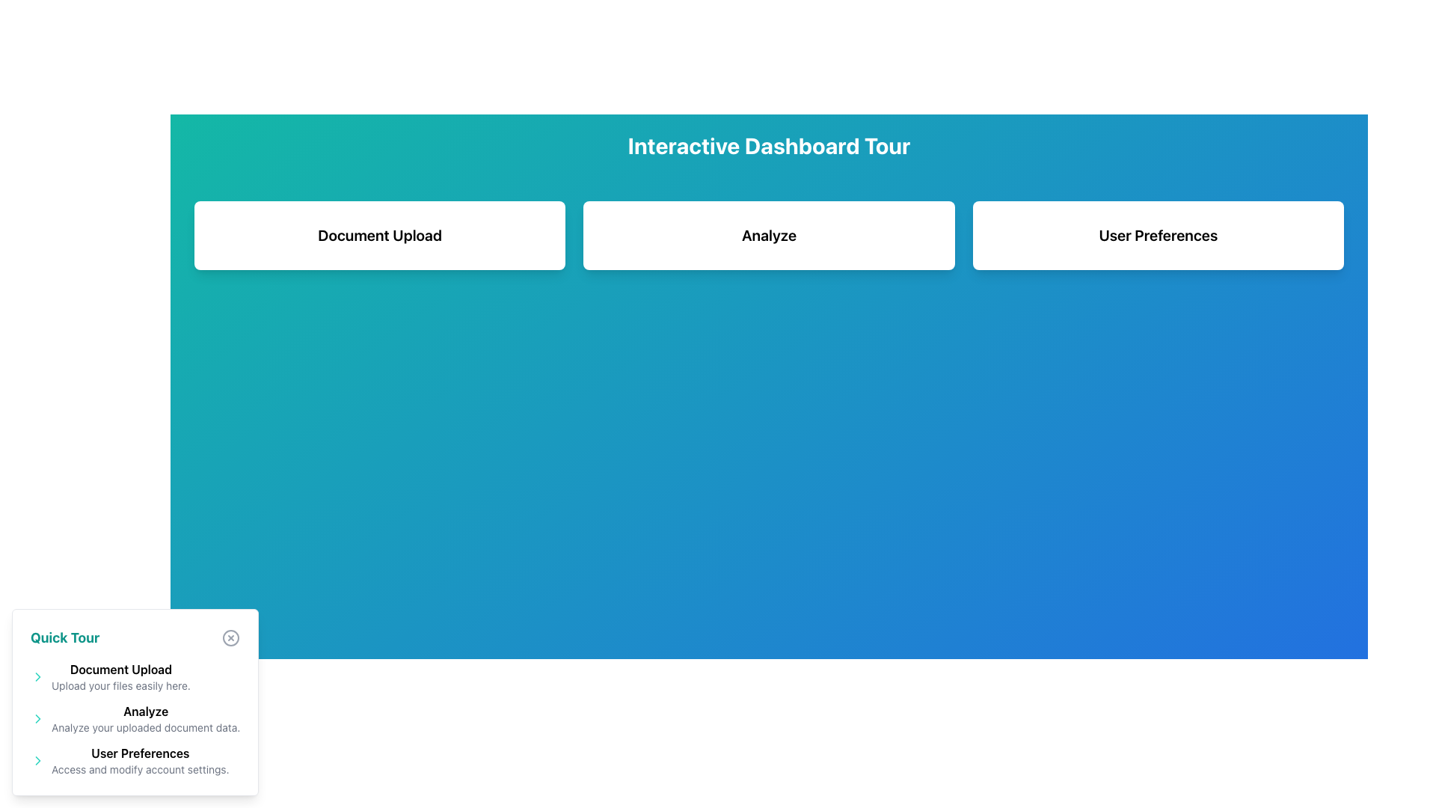  Describe the element at coordinates (380, 236) in the screenshot. I see `the Static card labeled 'Document Upload', which is the leftmost card in a row of three horizontally aligned cards` at that location.